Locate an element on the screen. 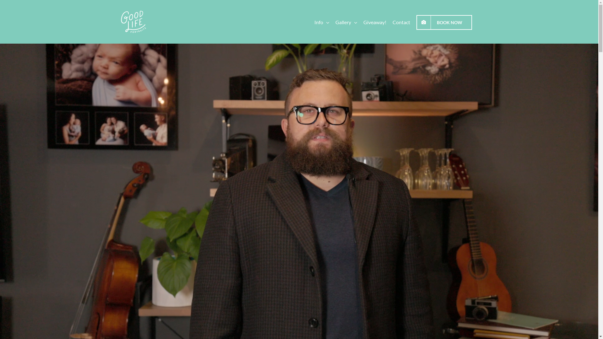 This screenshot has height=339, width=603. 'Contact' is located at coordinates (401, 21).